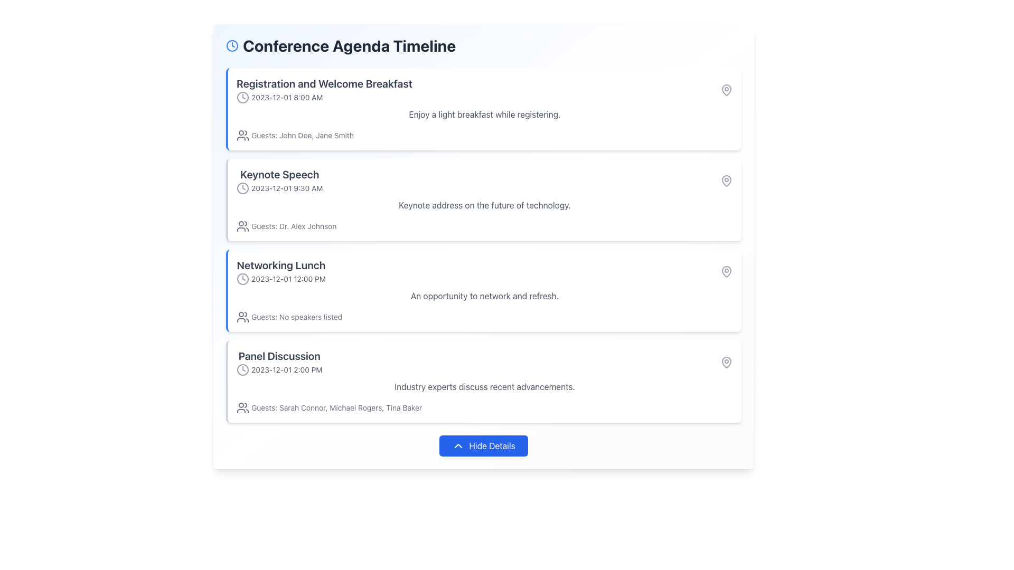  What do you see at coordinates (483, 445) in the screenshot?
I see `the button with a blue background and white text labeled 'Hide Details', located at the bottom of the 'Conference Agenda Timeline' after the 'Panel Discussion' section` at bounding box center [483, 445].